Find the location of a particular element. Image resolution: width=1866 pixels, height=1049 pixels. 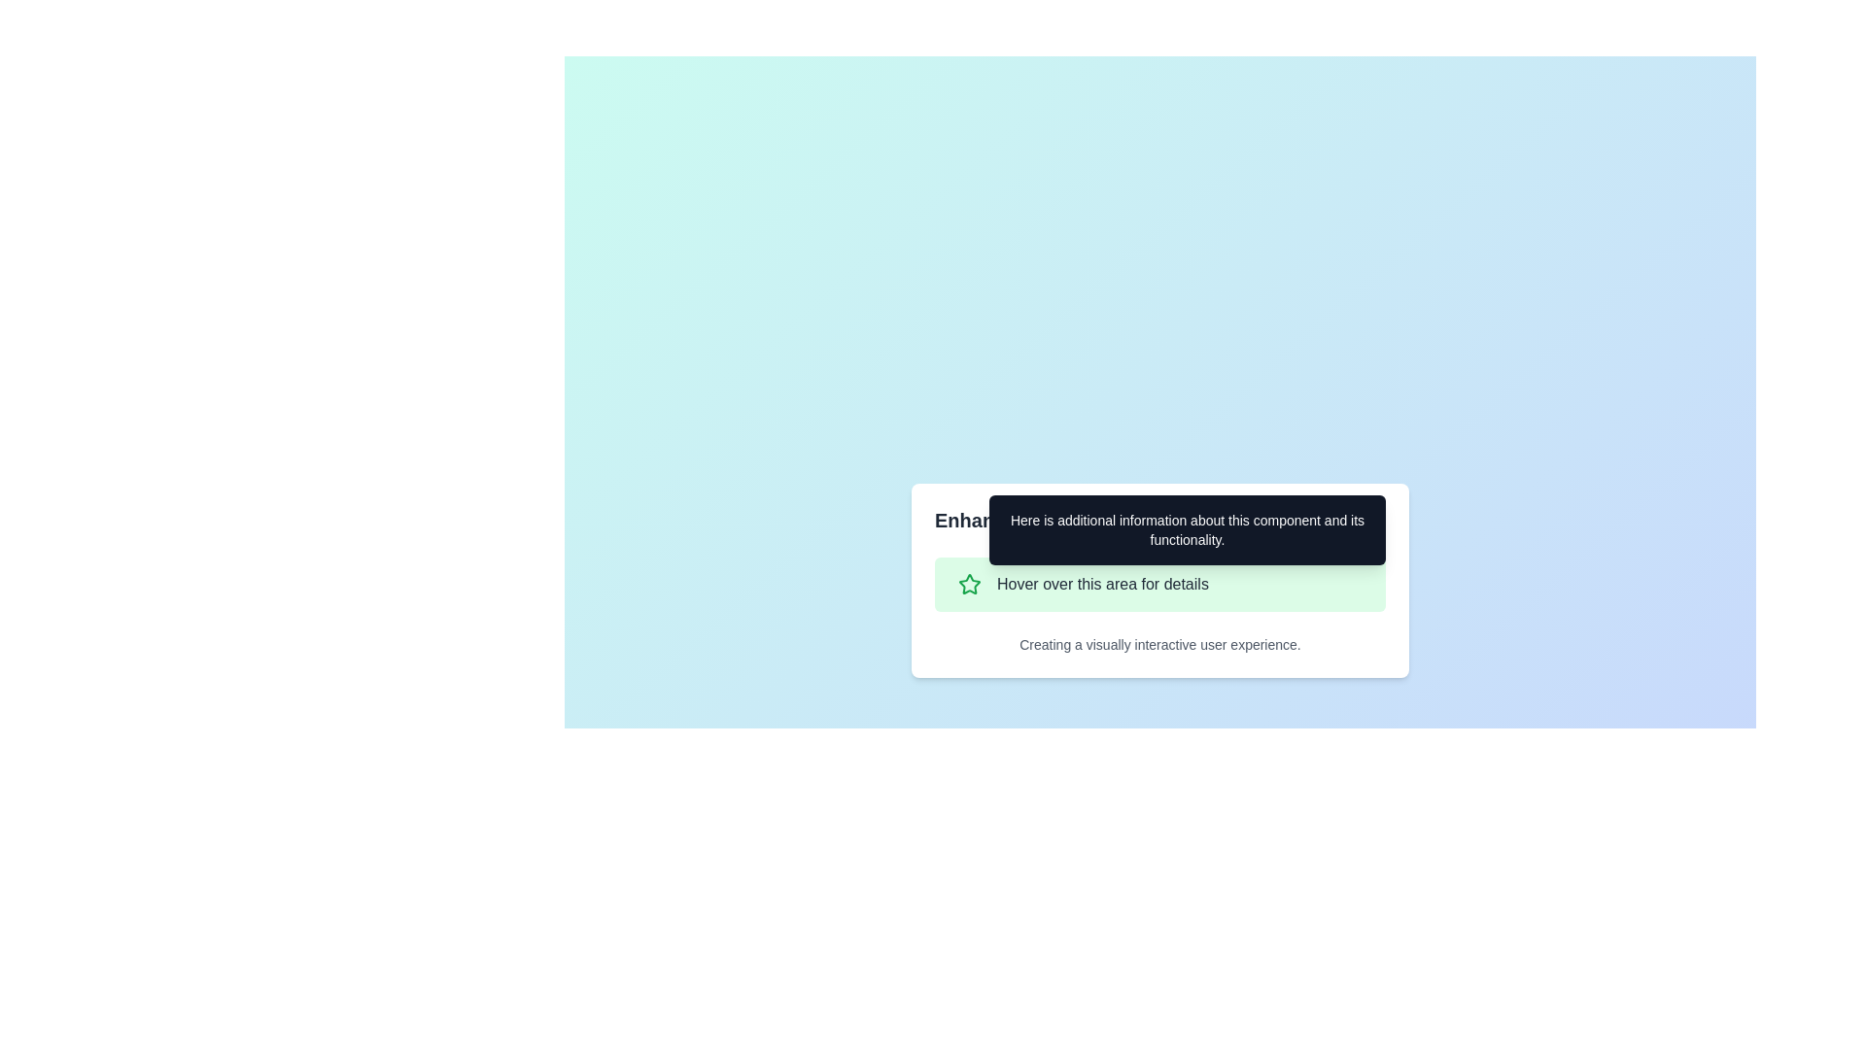

text displayed in the tooltip that says 'Here is additional information about this component and its functionality.' is located at coordinates (1187, 530).